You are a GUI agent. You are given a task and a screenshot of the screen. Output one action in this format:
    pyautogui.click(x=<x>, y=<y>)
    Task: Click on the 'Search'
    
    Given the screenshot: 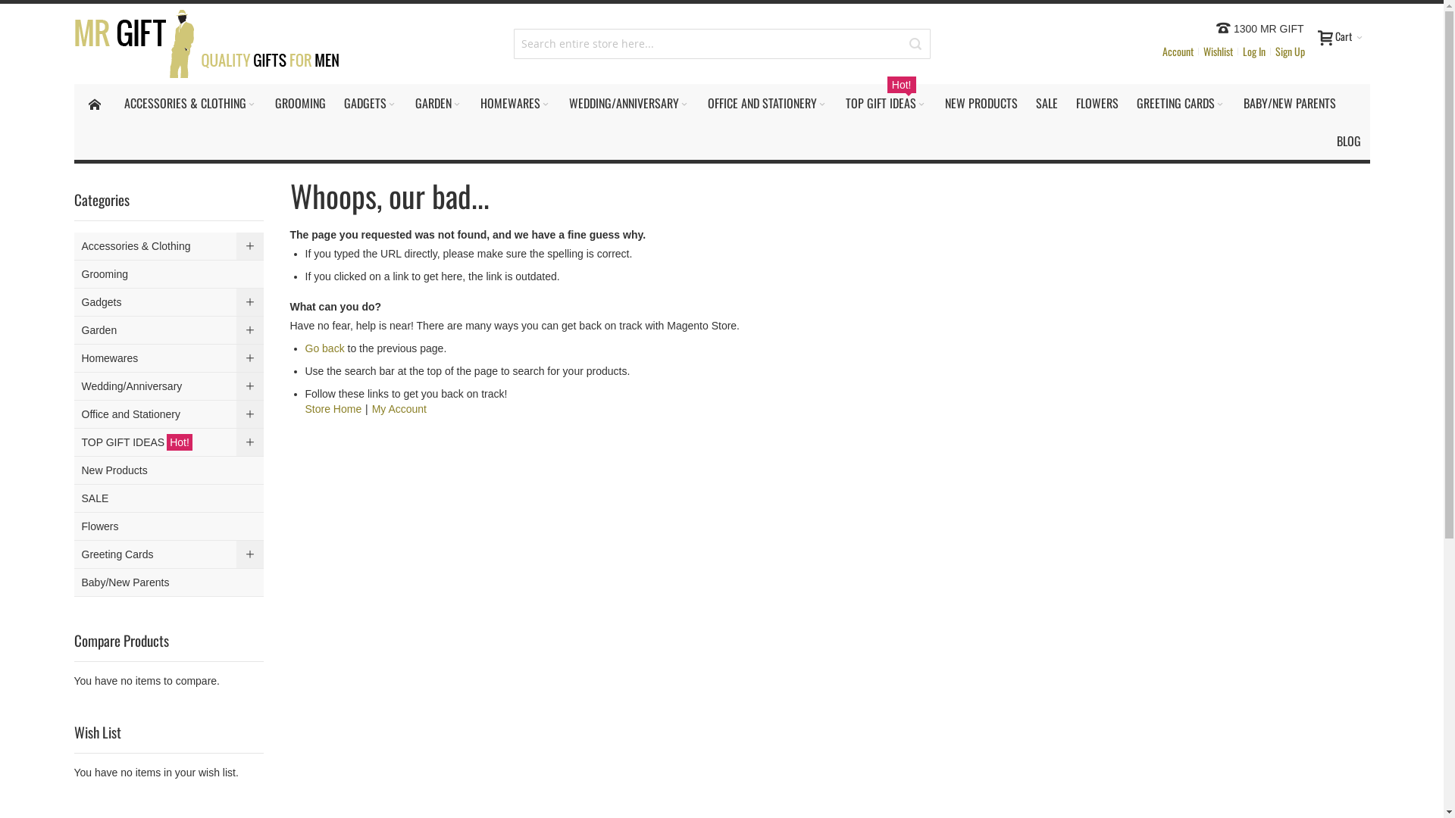 What is the action you would take?
    pyautogui.click(x=913, y=42)
    